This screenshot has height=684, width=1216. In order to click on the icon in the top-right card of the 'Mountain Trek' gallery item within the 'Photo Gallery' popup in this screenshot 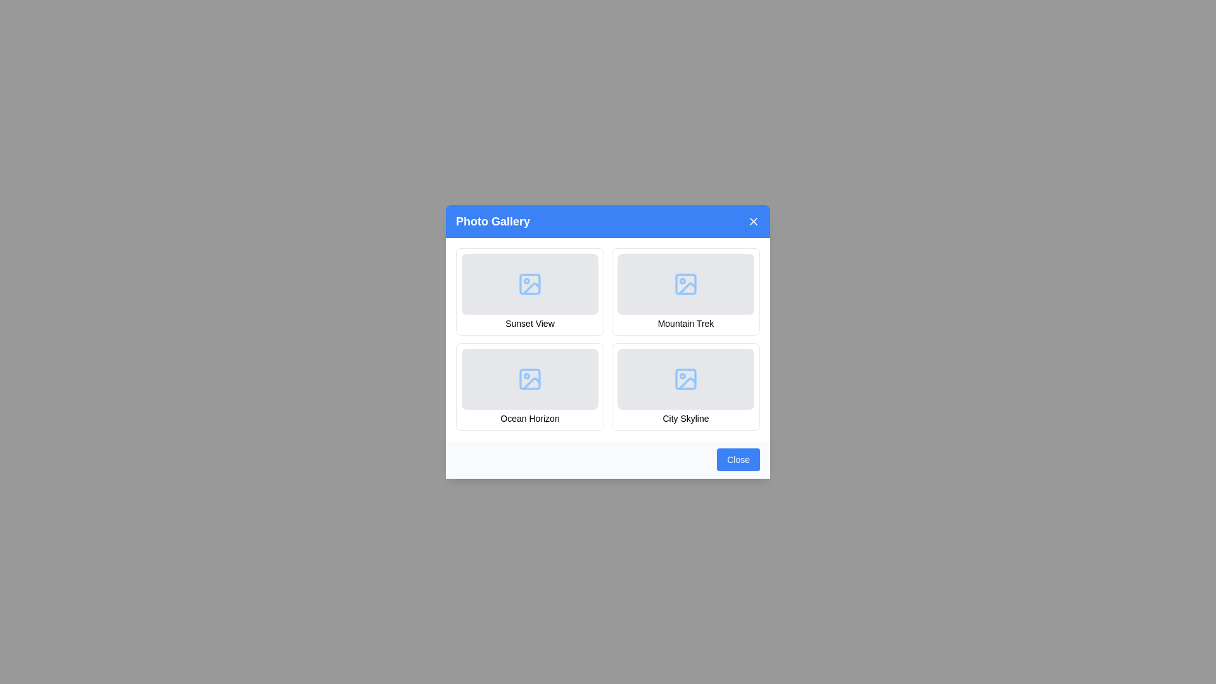, I will do `click(685, 283)`.